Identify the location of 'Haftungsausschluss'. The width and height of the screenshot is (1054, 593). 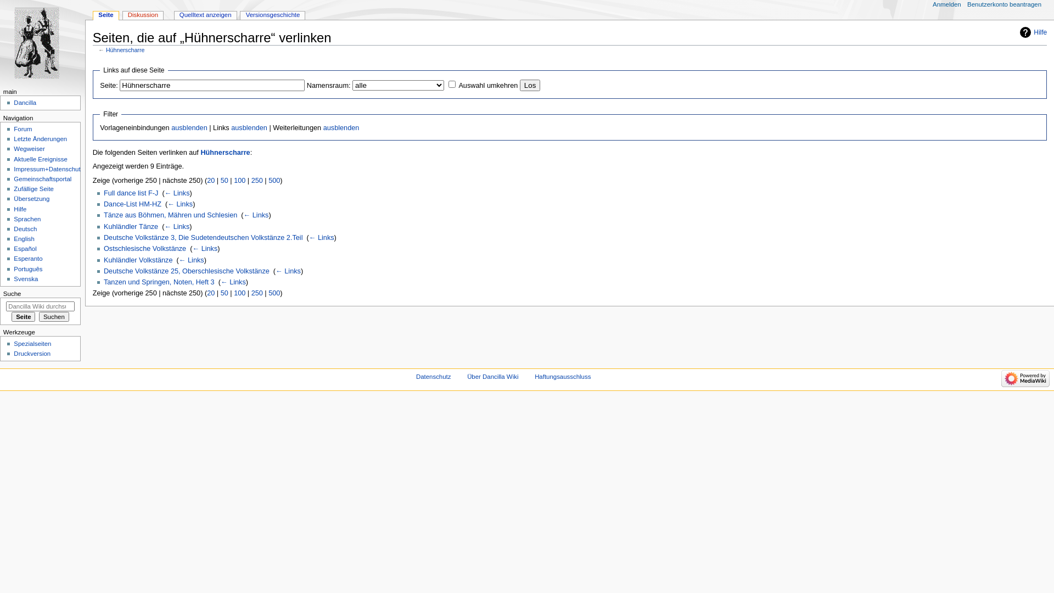
(563, 376).